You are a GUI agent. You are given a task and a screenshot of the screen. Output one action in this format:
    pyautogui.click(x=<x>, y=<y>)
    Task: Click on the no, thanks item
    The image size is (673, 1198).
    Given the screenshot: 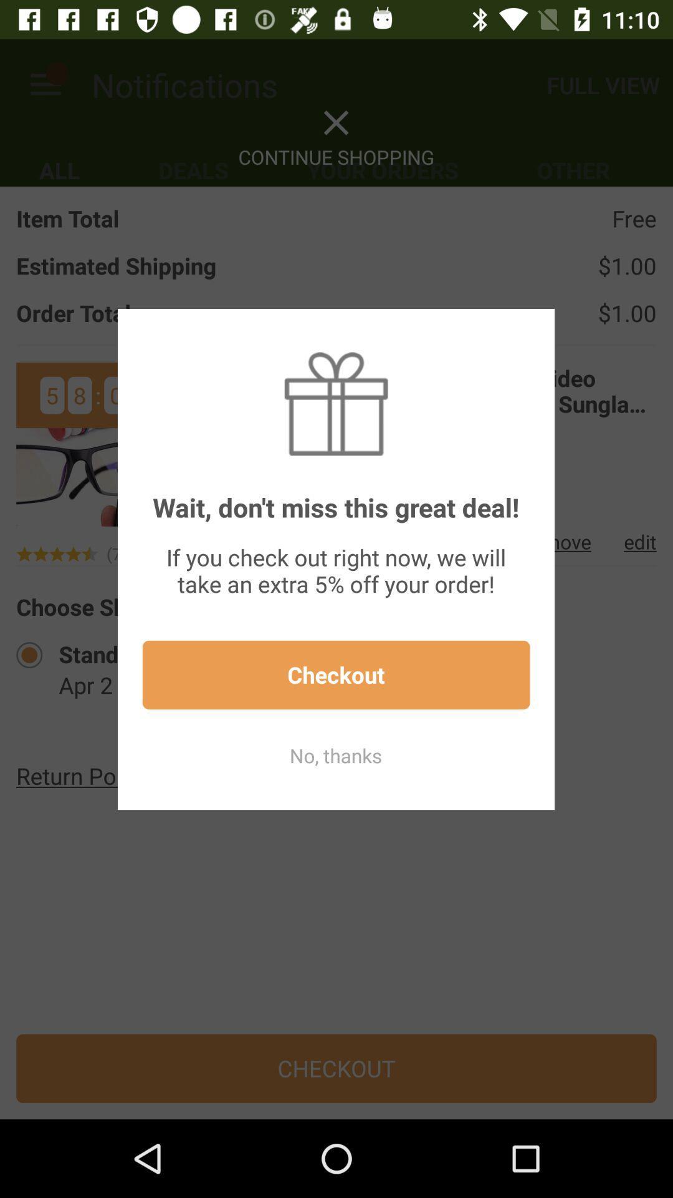 What is the action you would take?
    pyautogui.click(x=335, y=755)
    